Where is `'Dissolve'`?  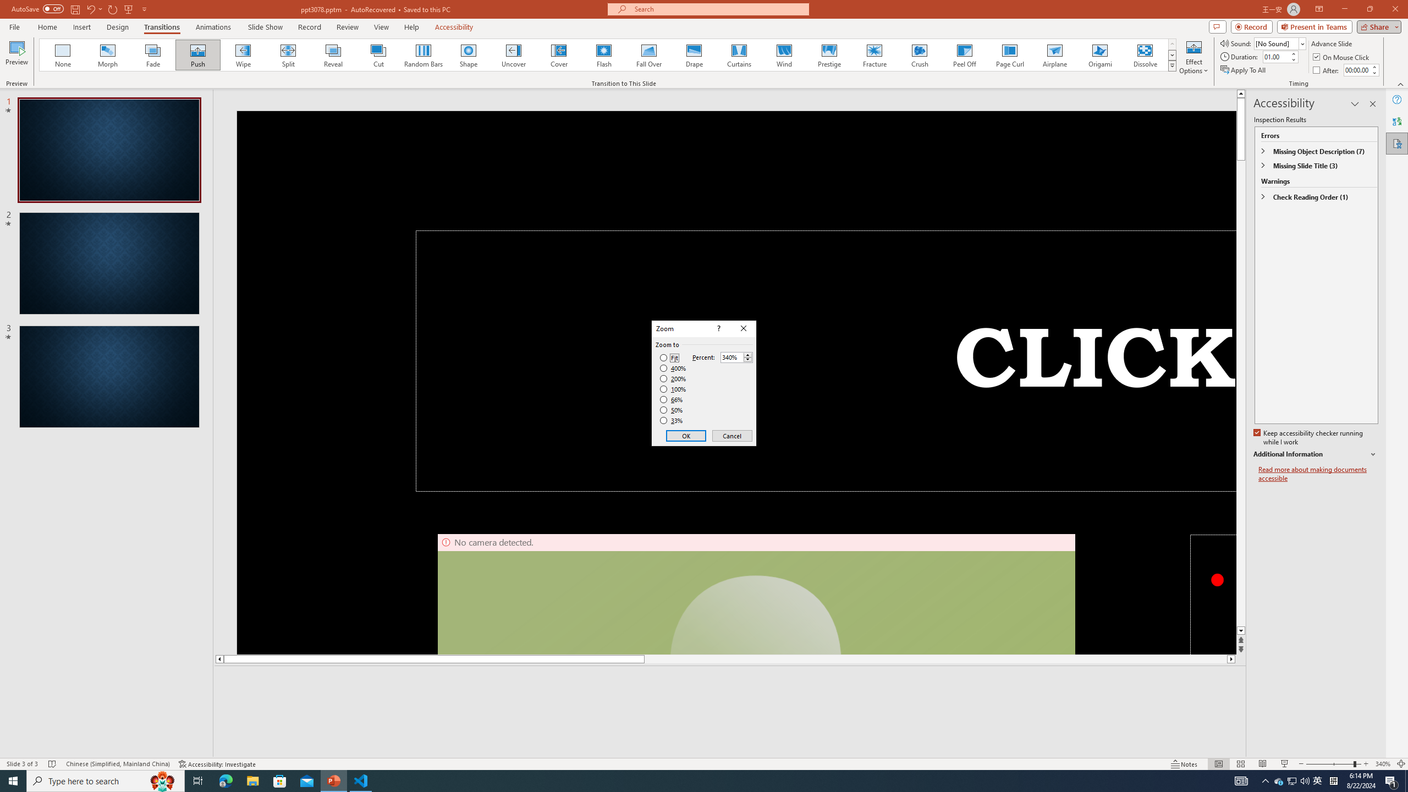 'Dissolve' is located at coordinates (1144, 54).